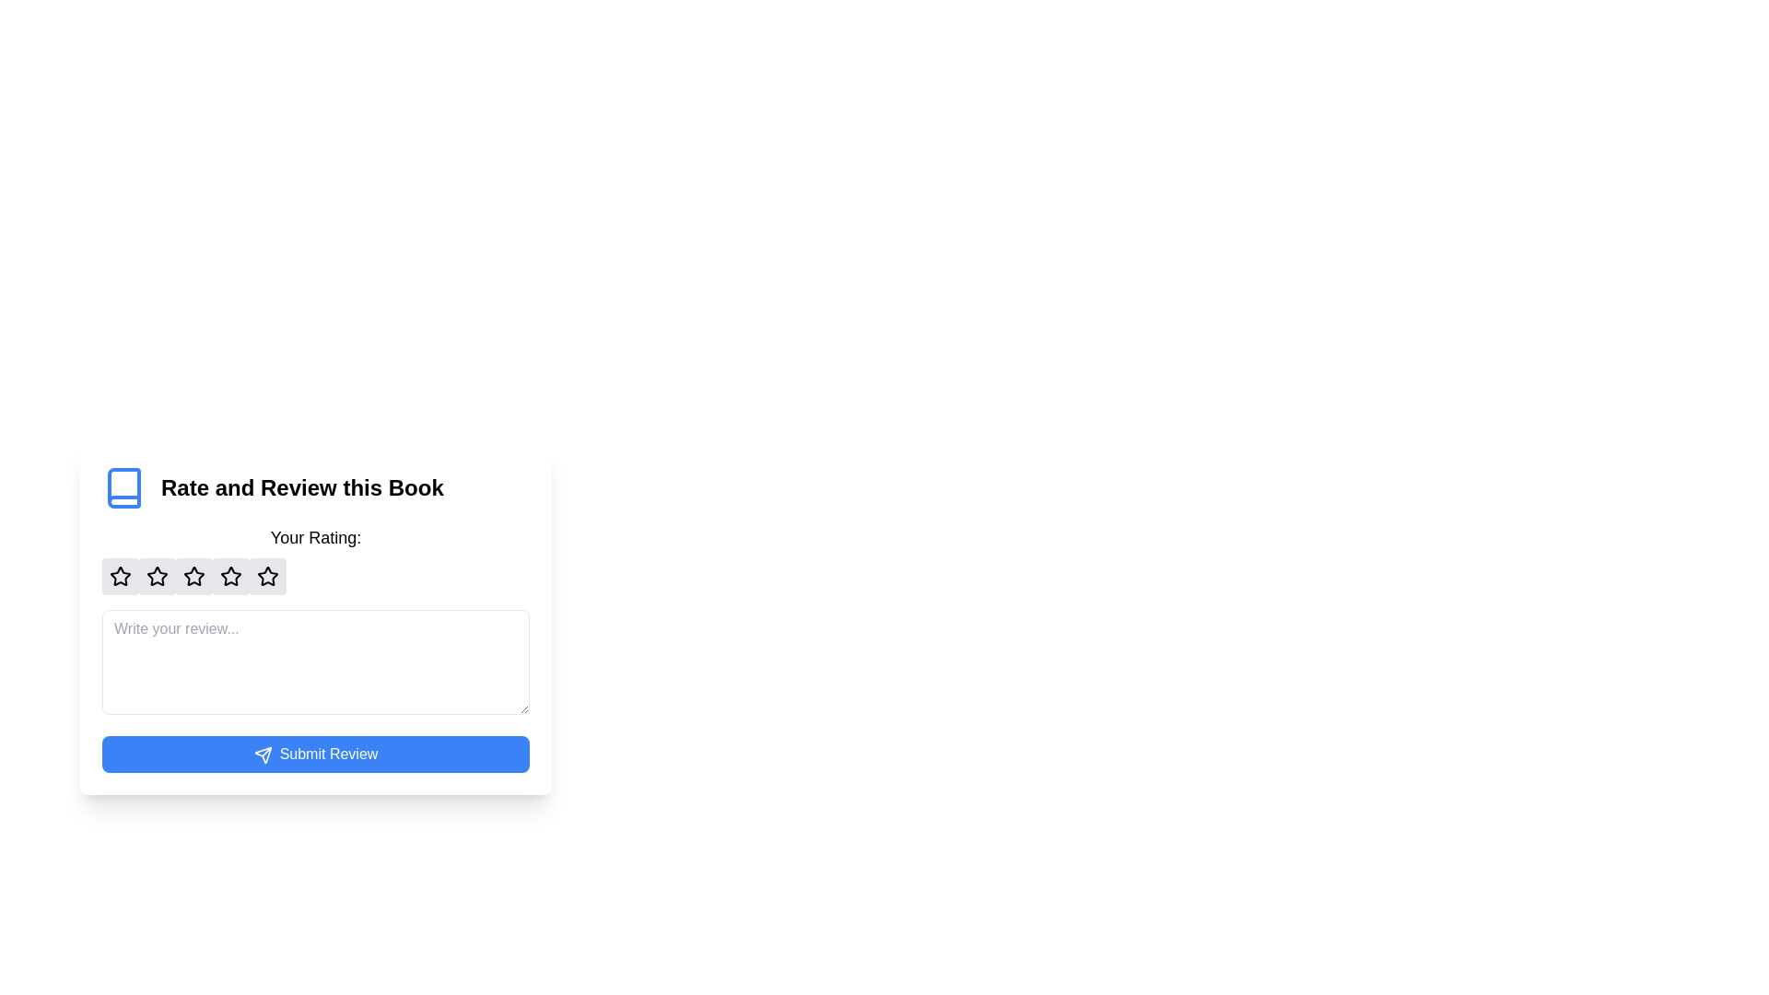 This screenshot has height=995, width=1769. Describe the element at coordinates (315, 665) in the screenshot. I see `to select text in the multi-line text area for inputting a book review located above the 'Submit Review' button` at that location.